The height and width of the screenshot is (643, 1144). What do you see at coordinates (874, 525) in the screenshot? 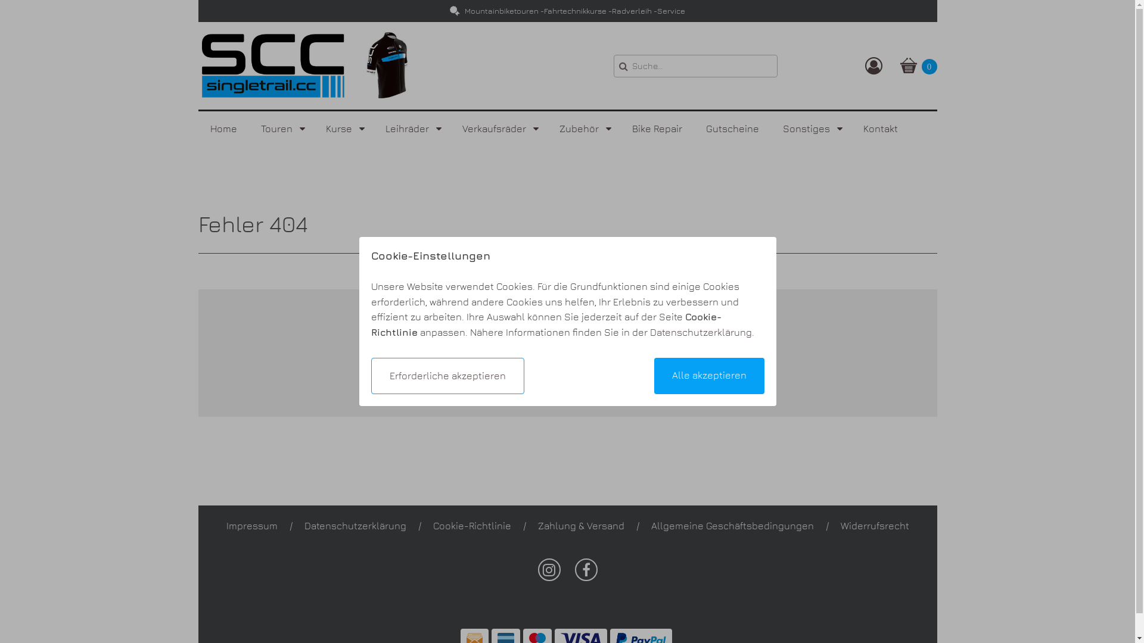
I see `'Widerrufsrecht'` at bounding box center [874, 525].